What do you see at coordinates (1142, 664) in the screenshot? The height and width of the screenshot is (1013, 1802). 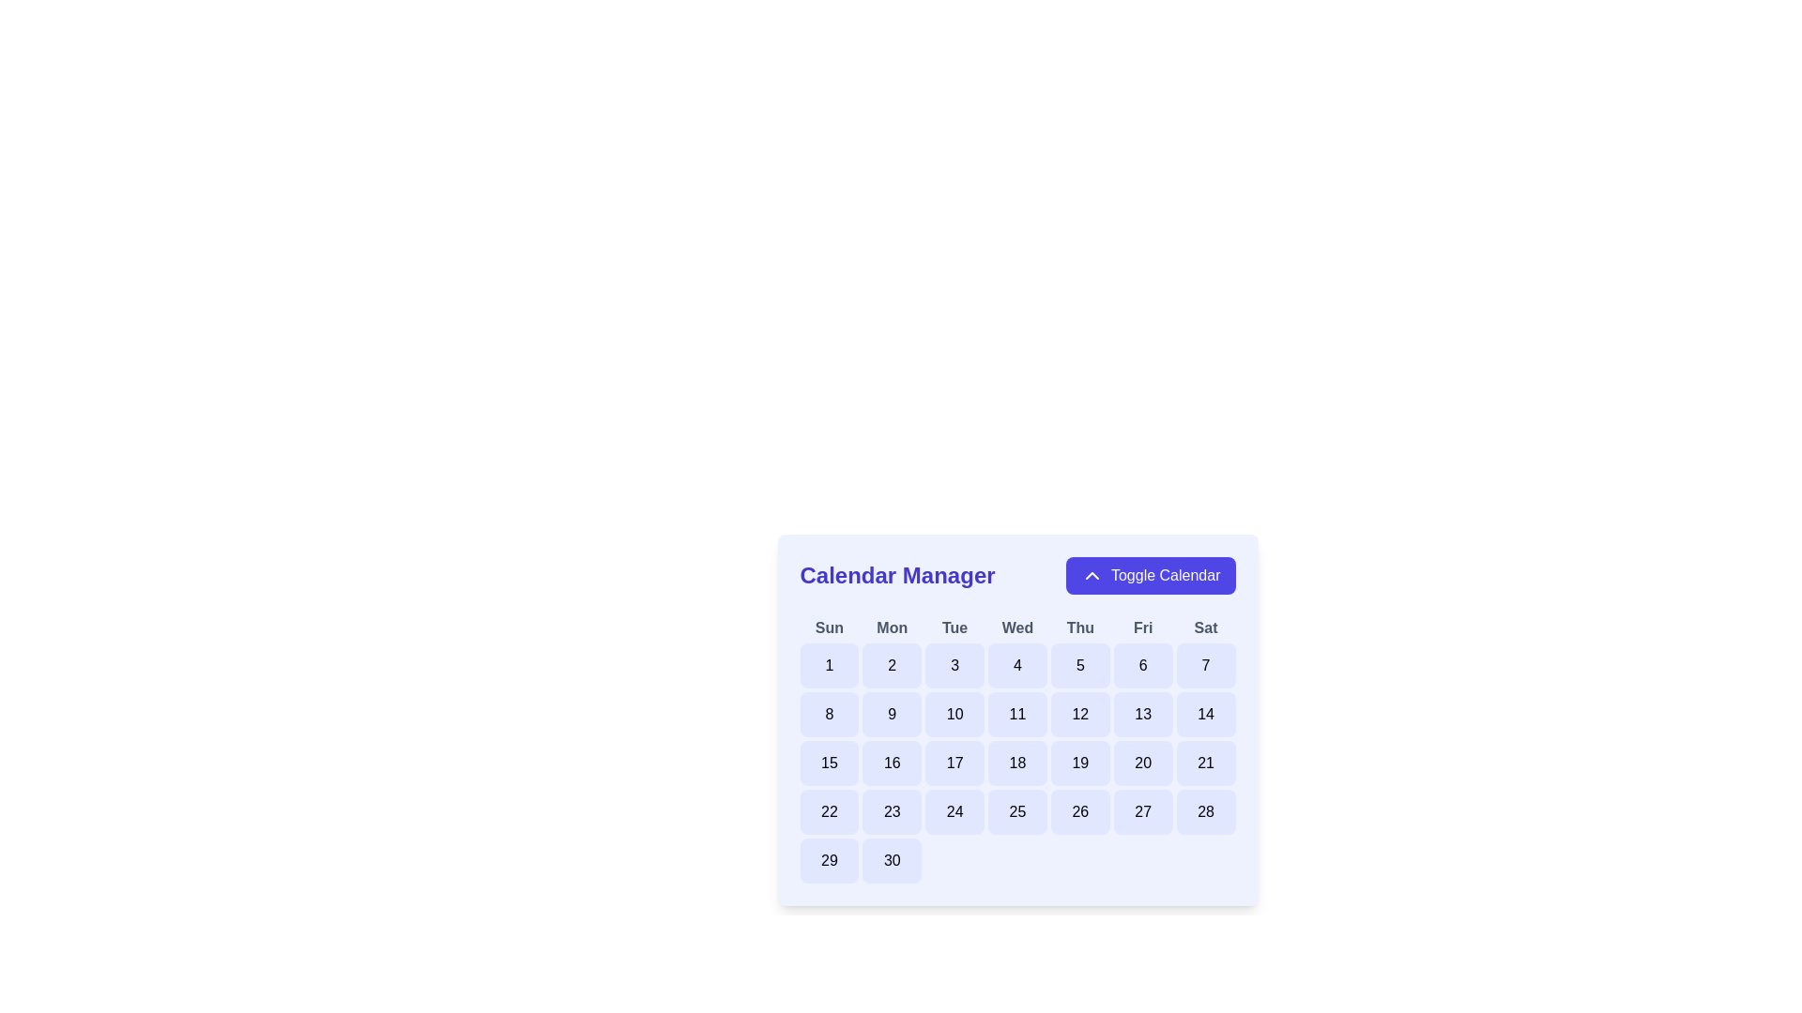 I see `the calendar date cell representing the day '6' to change its background color` at bounding box center [1142, 664].